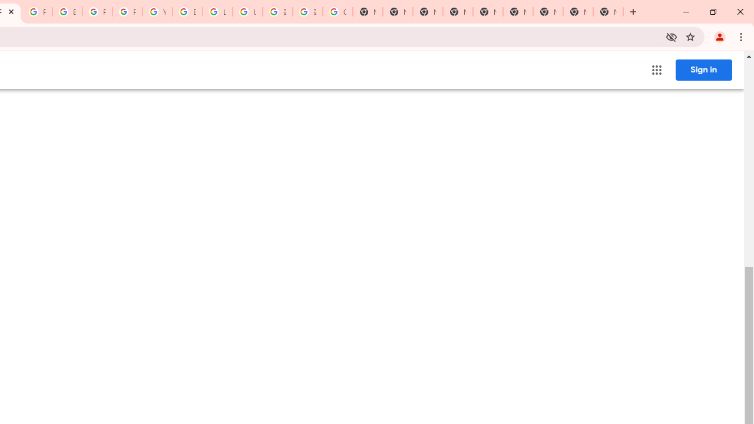 Image resolution: width=754 pixels, height=424 pixels. Describe the element at coordinates (656, 70) in the screenshot. I see `'Google apps'` at that location.